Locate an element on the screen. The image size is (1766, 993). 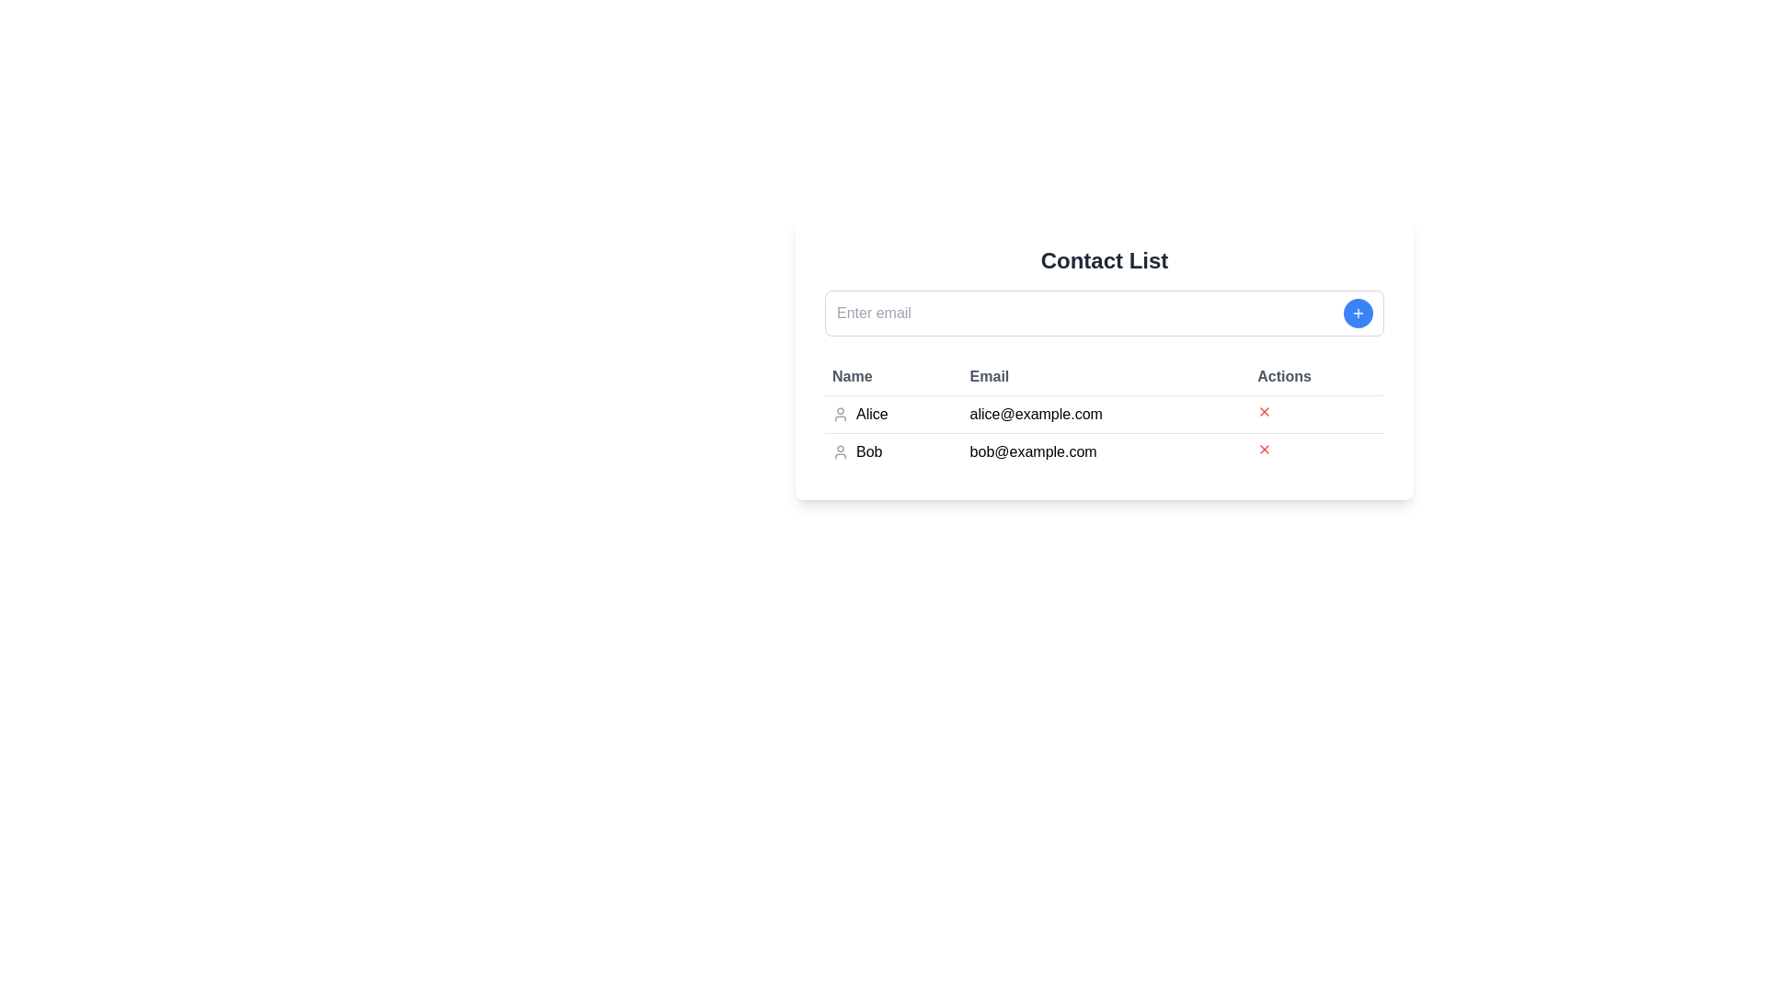
the label displaying the text 'Alice' is located at coordinates (871, 415).